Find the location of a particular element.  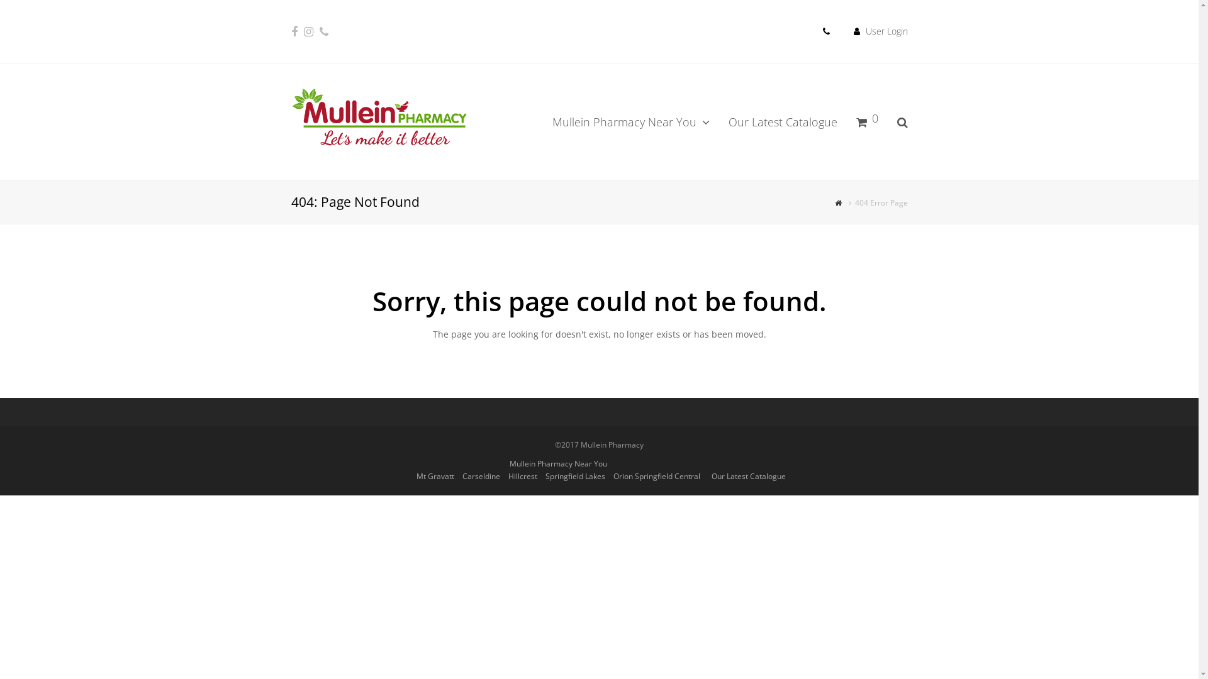

'Our Latest Catalogue' is located at coordinates (781, 121).